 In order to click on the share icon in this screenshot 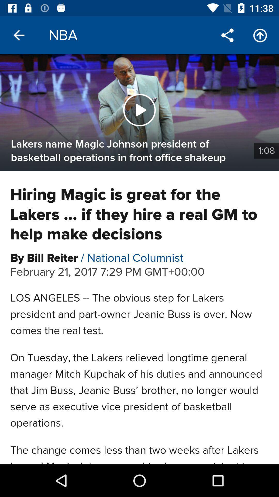, I will do `click(227, 35)`.